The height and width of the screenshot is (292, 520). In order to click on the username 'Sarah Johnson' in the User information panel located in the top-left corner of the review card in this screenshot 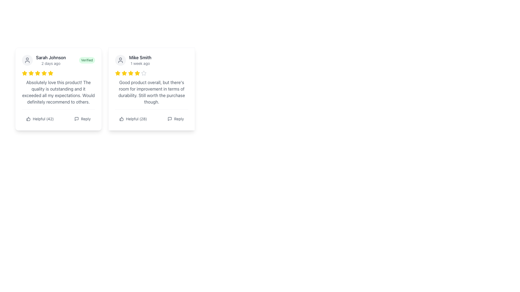, I will do `click(58, 60)`.